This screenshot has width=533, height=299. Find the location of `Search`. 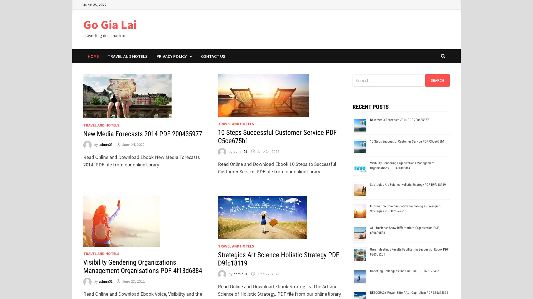

Search is located at coordinates (437, 80).